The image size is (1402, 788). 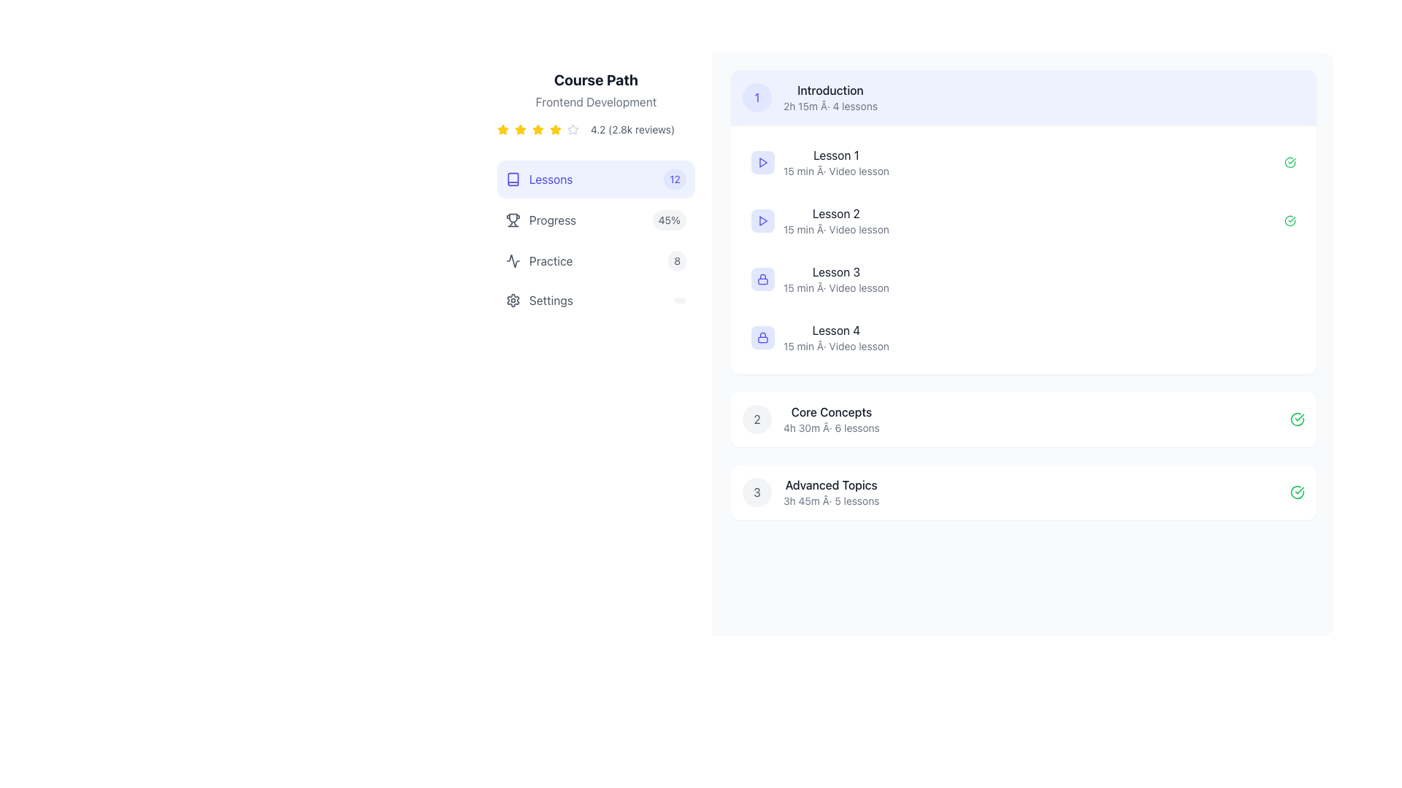 What do you see at coordinates (831, 427) in the screenshot?
I see `text content of the gray text label displaying course duration and lesson count details, located beneath the title 'Core Concepts'` at bounding box center [831, 427].